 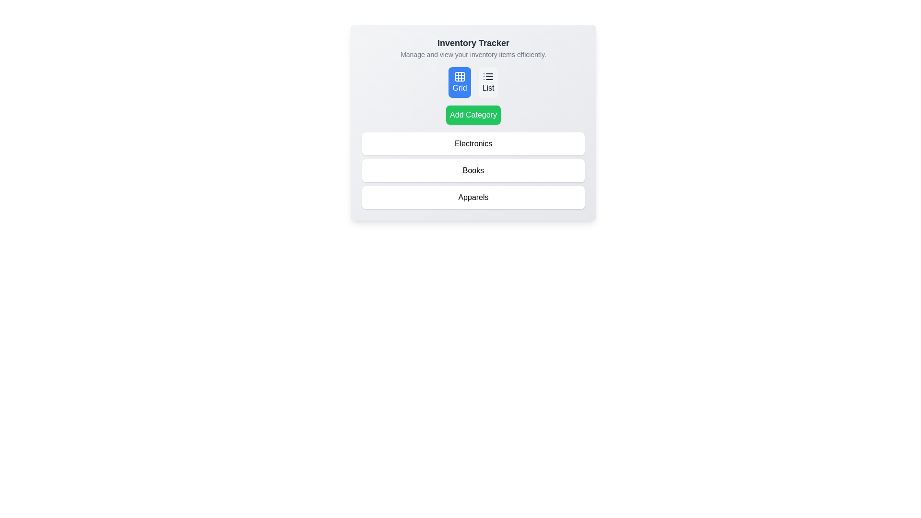 What do you see at coordinates (459, 82) in the screenshot?
I see `the toggle button for switching the display mode` at bounding box center [459, 82].